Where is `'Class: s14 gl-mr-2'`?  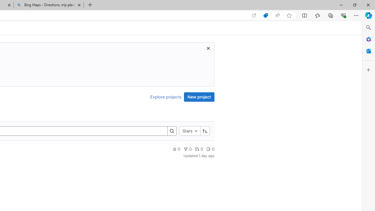
'Class: s14 gl-mr-2' is located at coordinates (209, 149).